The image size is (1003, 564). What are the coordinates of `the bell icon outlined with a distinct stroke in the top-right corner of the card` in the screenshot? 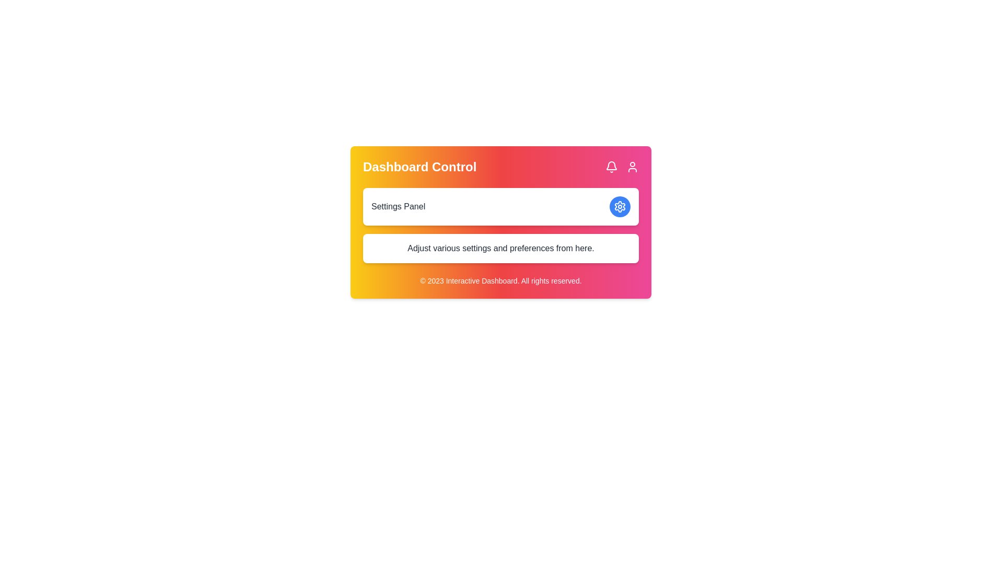 It's located at (612, 167).